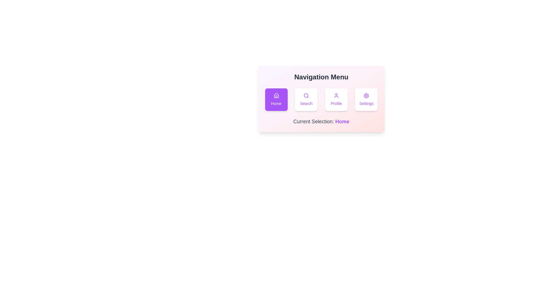 The width and height of the screenshot is (541, 304). Describe the element at coordinates (366, 99) in the screenshot. I see `the Settings button to change the selection` at that location.